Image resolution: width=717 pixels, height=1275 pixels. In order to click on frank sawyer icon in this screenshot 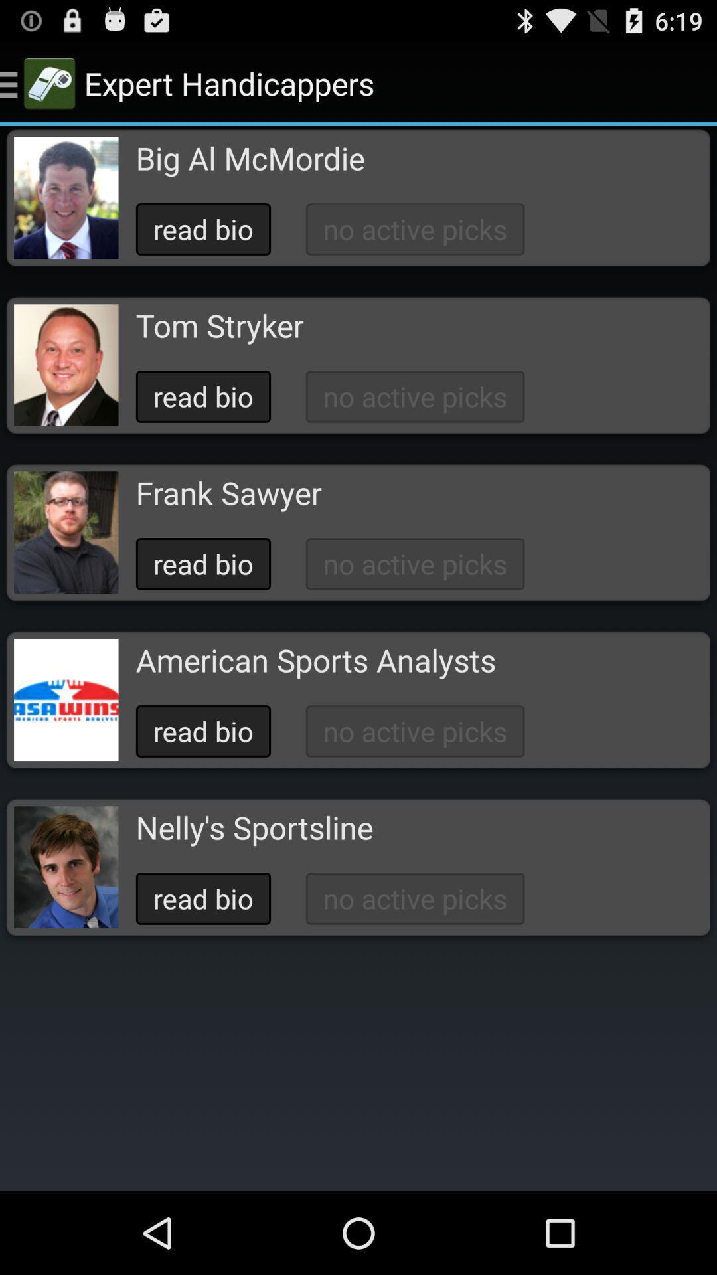, I will do `click(228, 492)`.